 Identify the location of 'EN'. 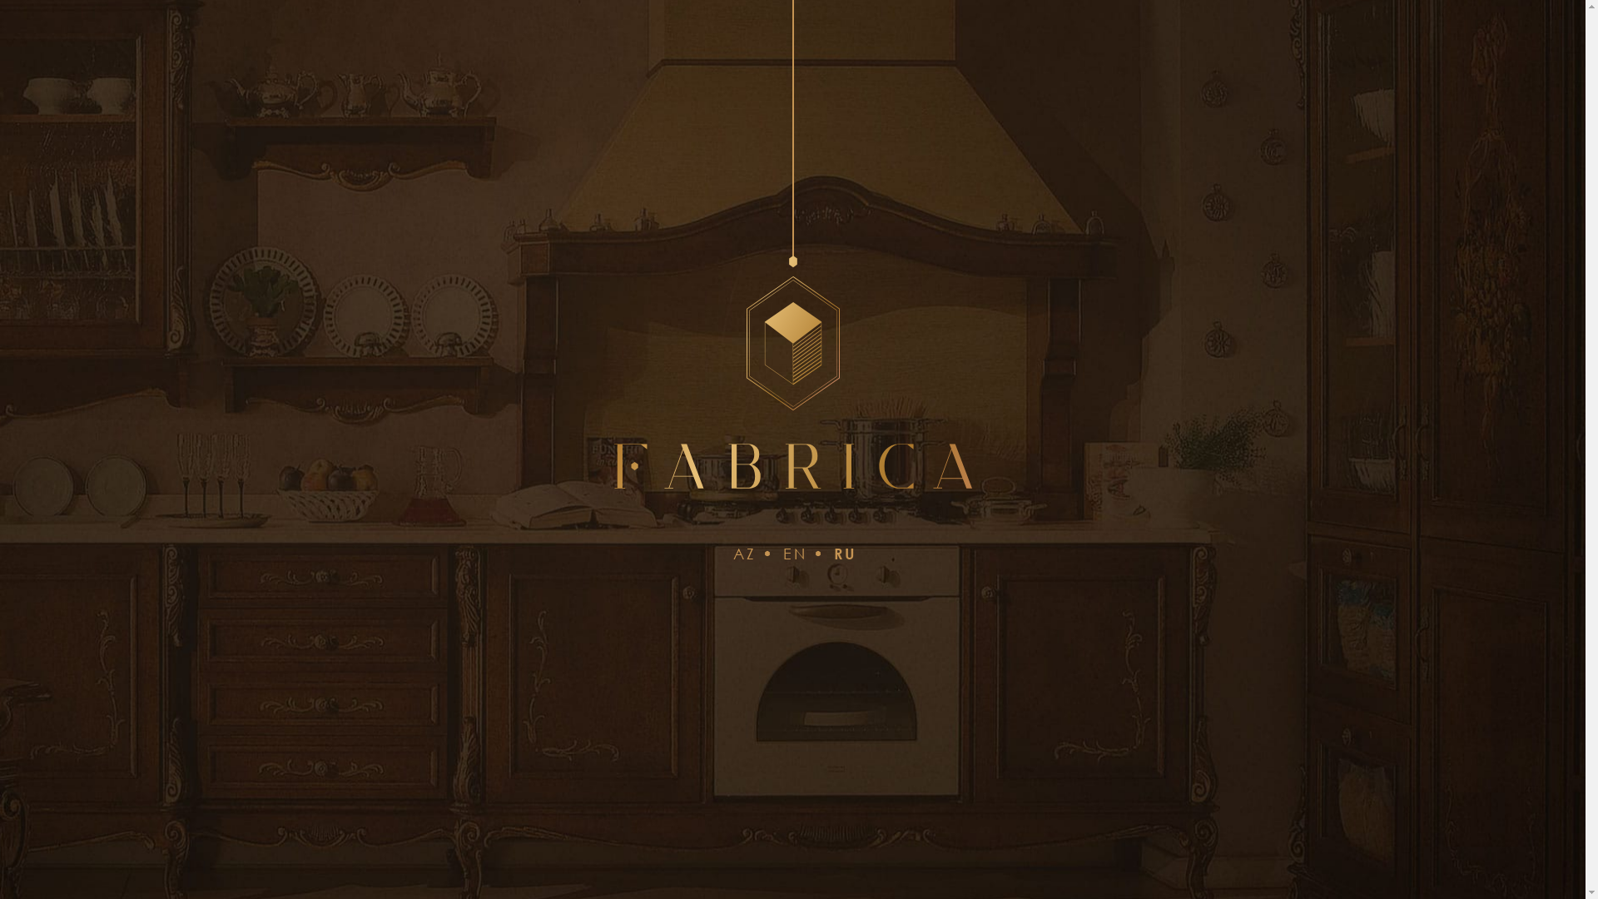
(794, 553).